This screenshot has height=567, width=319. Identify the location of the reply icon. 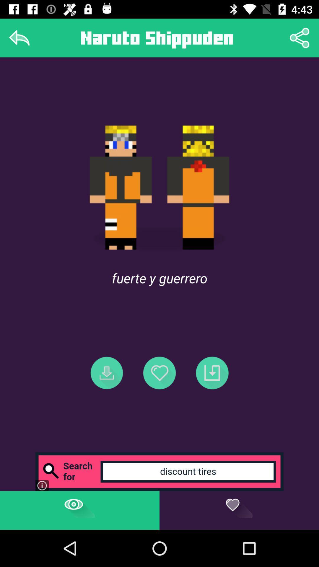
(19, 38).